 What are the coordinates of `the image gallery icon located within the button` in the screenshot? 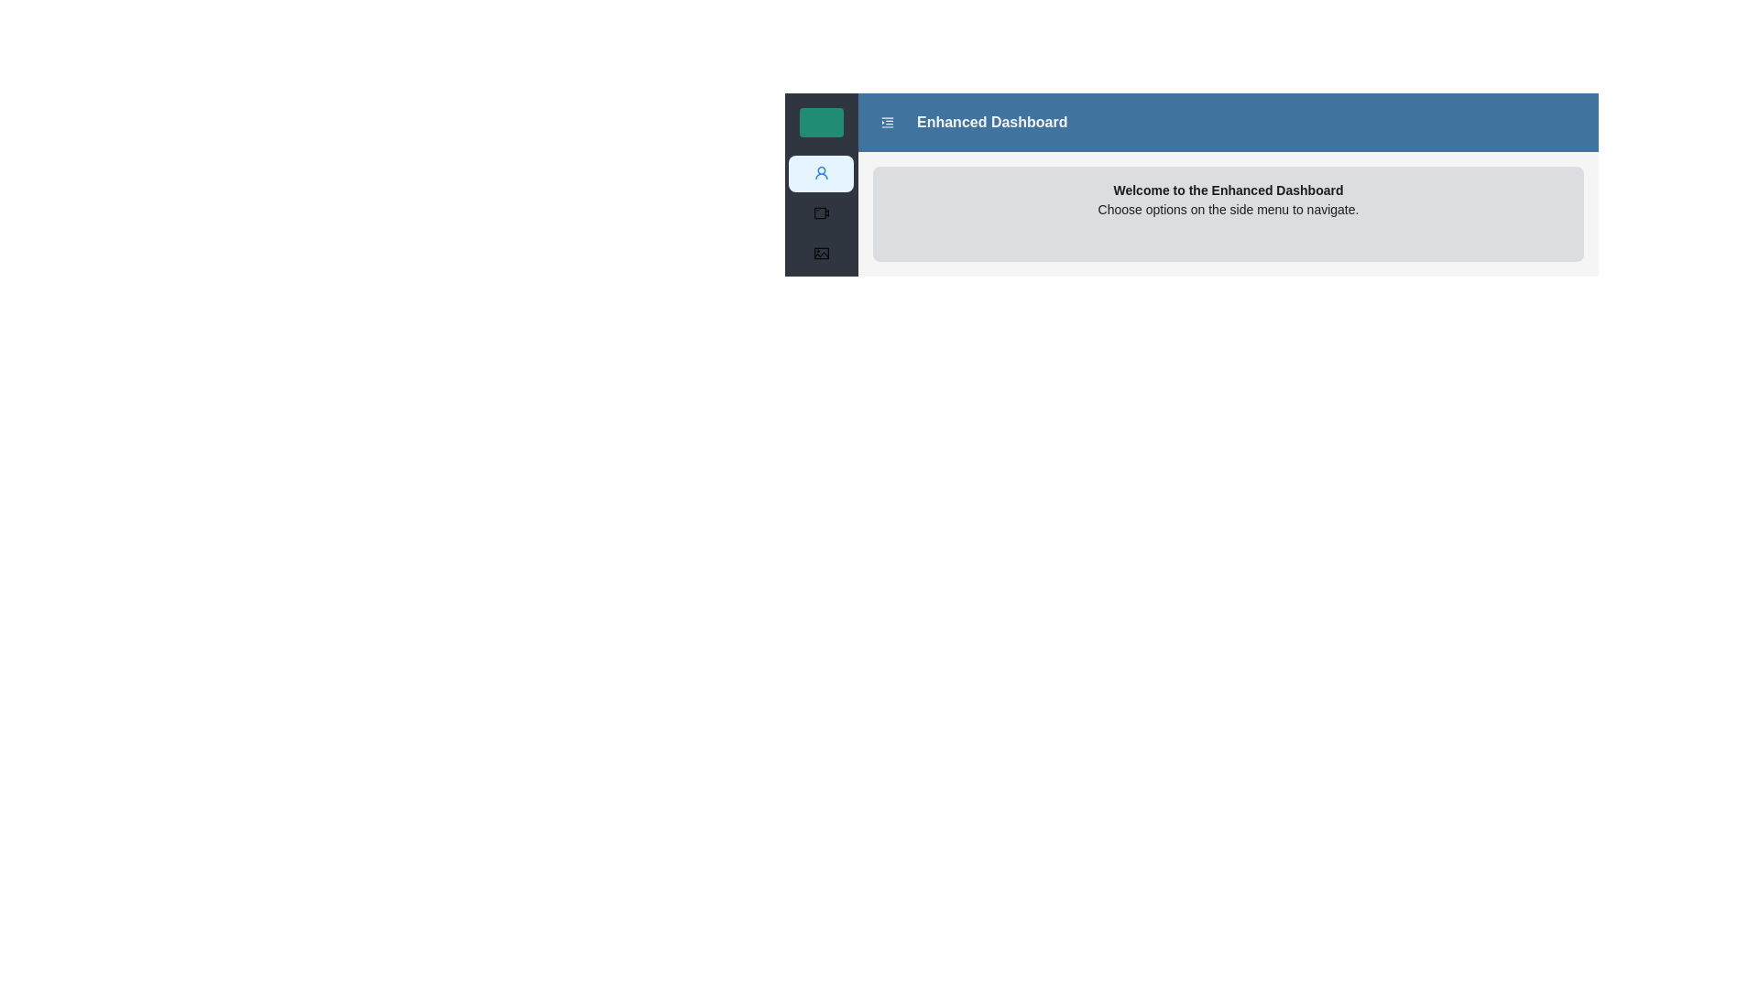 It's located at (820, 254).